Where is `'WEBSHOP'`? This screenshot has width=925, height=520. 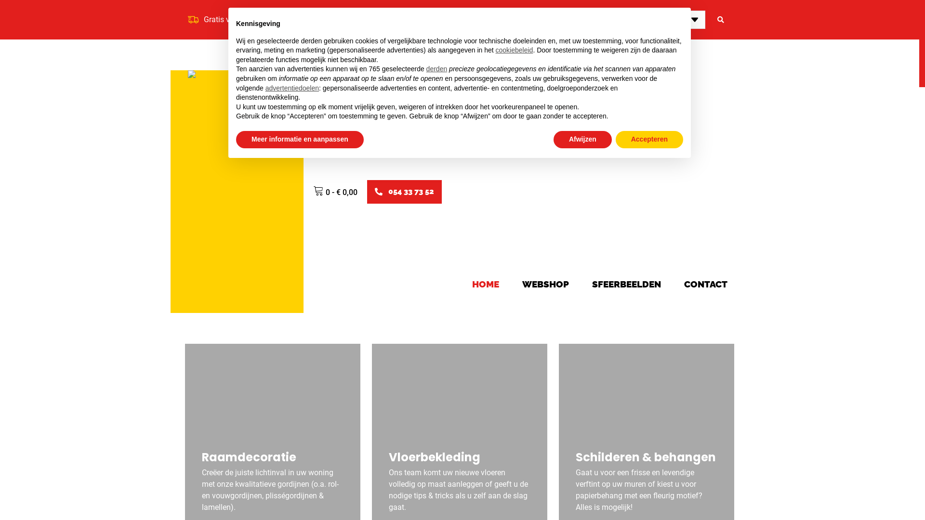
'WEBSHOP' is located at coordinates (545, 284).